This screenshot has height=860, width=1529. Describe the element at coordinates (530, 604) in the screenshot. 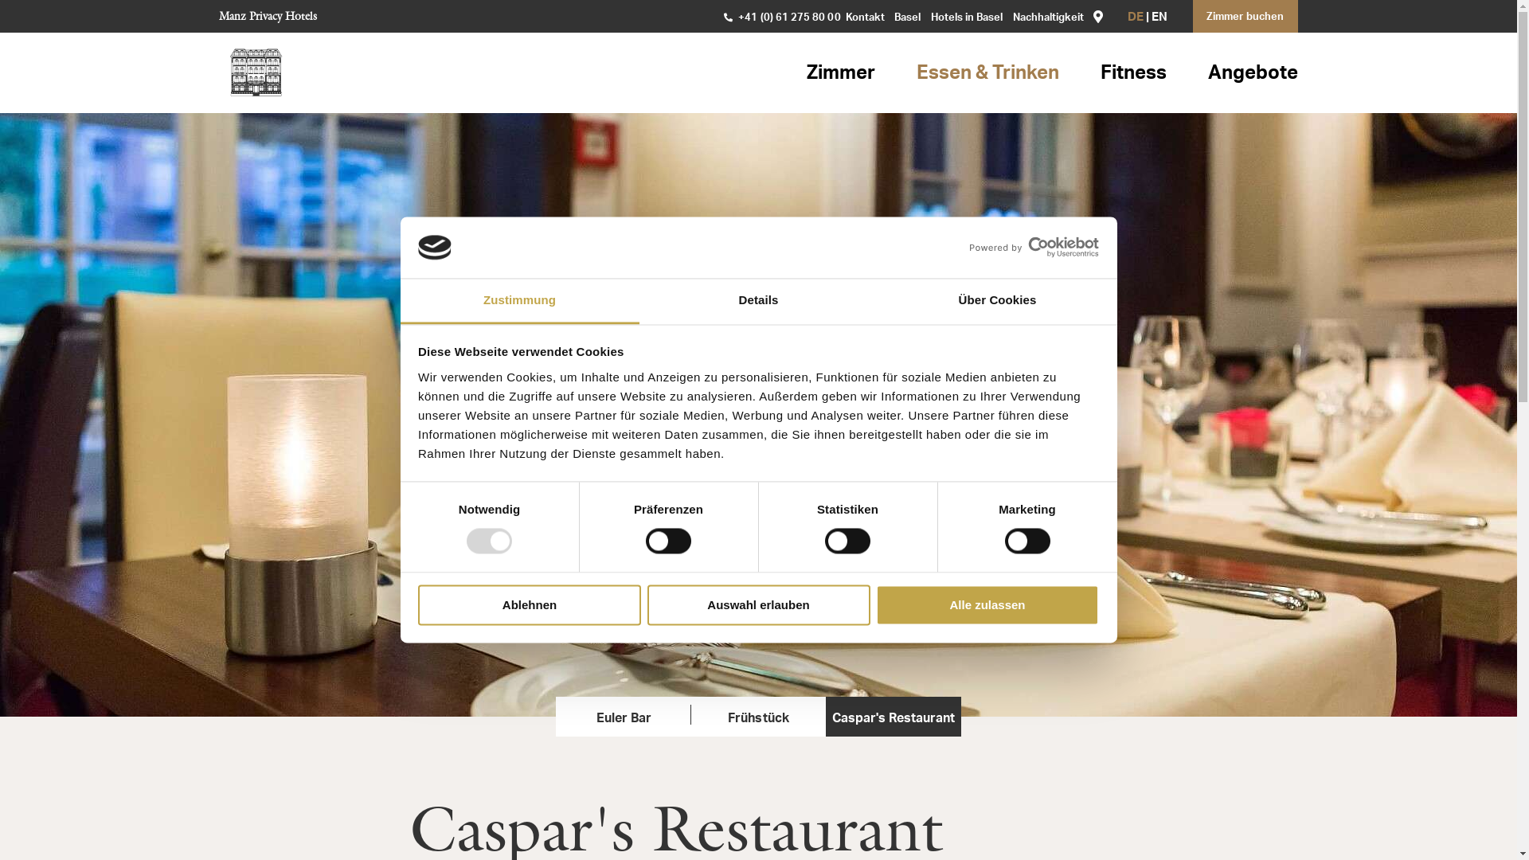

I see `'Ablehnen'` at that location.